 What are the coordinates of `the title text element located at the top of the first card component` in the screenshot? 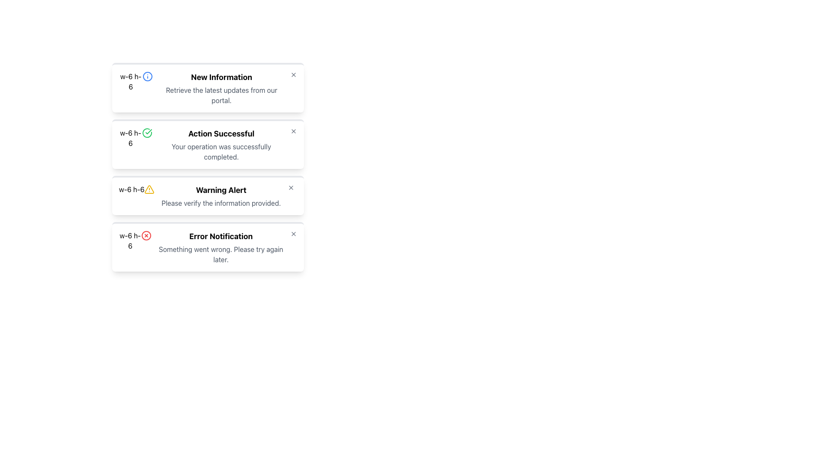 It's located at (221, 77).